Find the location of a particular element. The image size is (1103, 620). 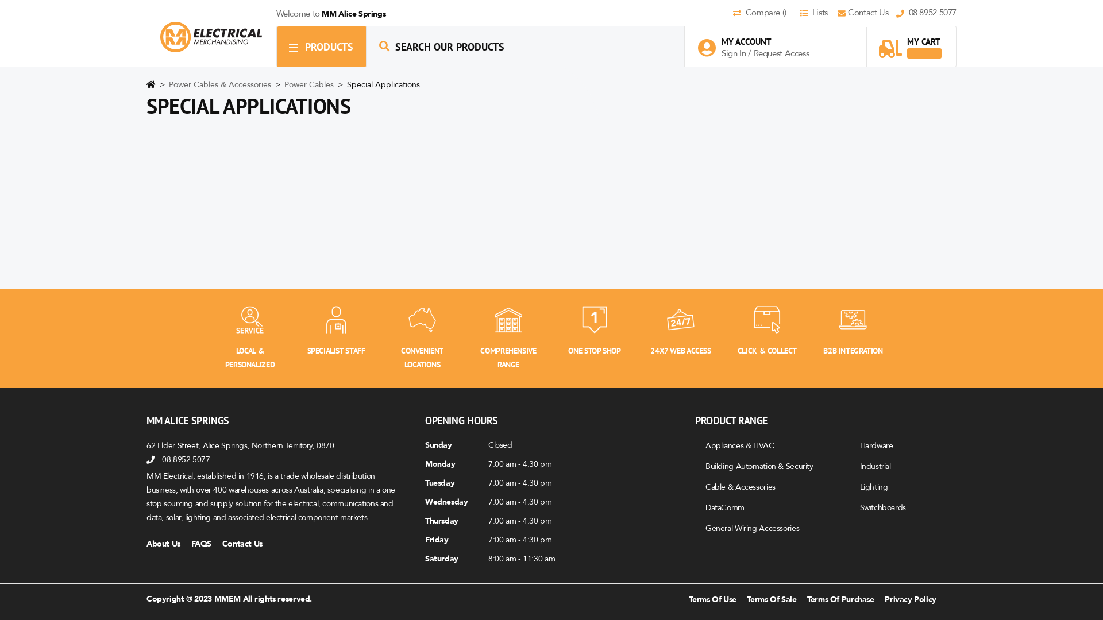

'Search' is located at coordinates (384, 45).